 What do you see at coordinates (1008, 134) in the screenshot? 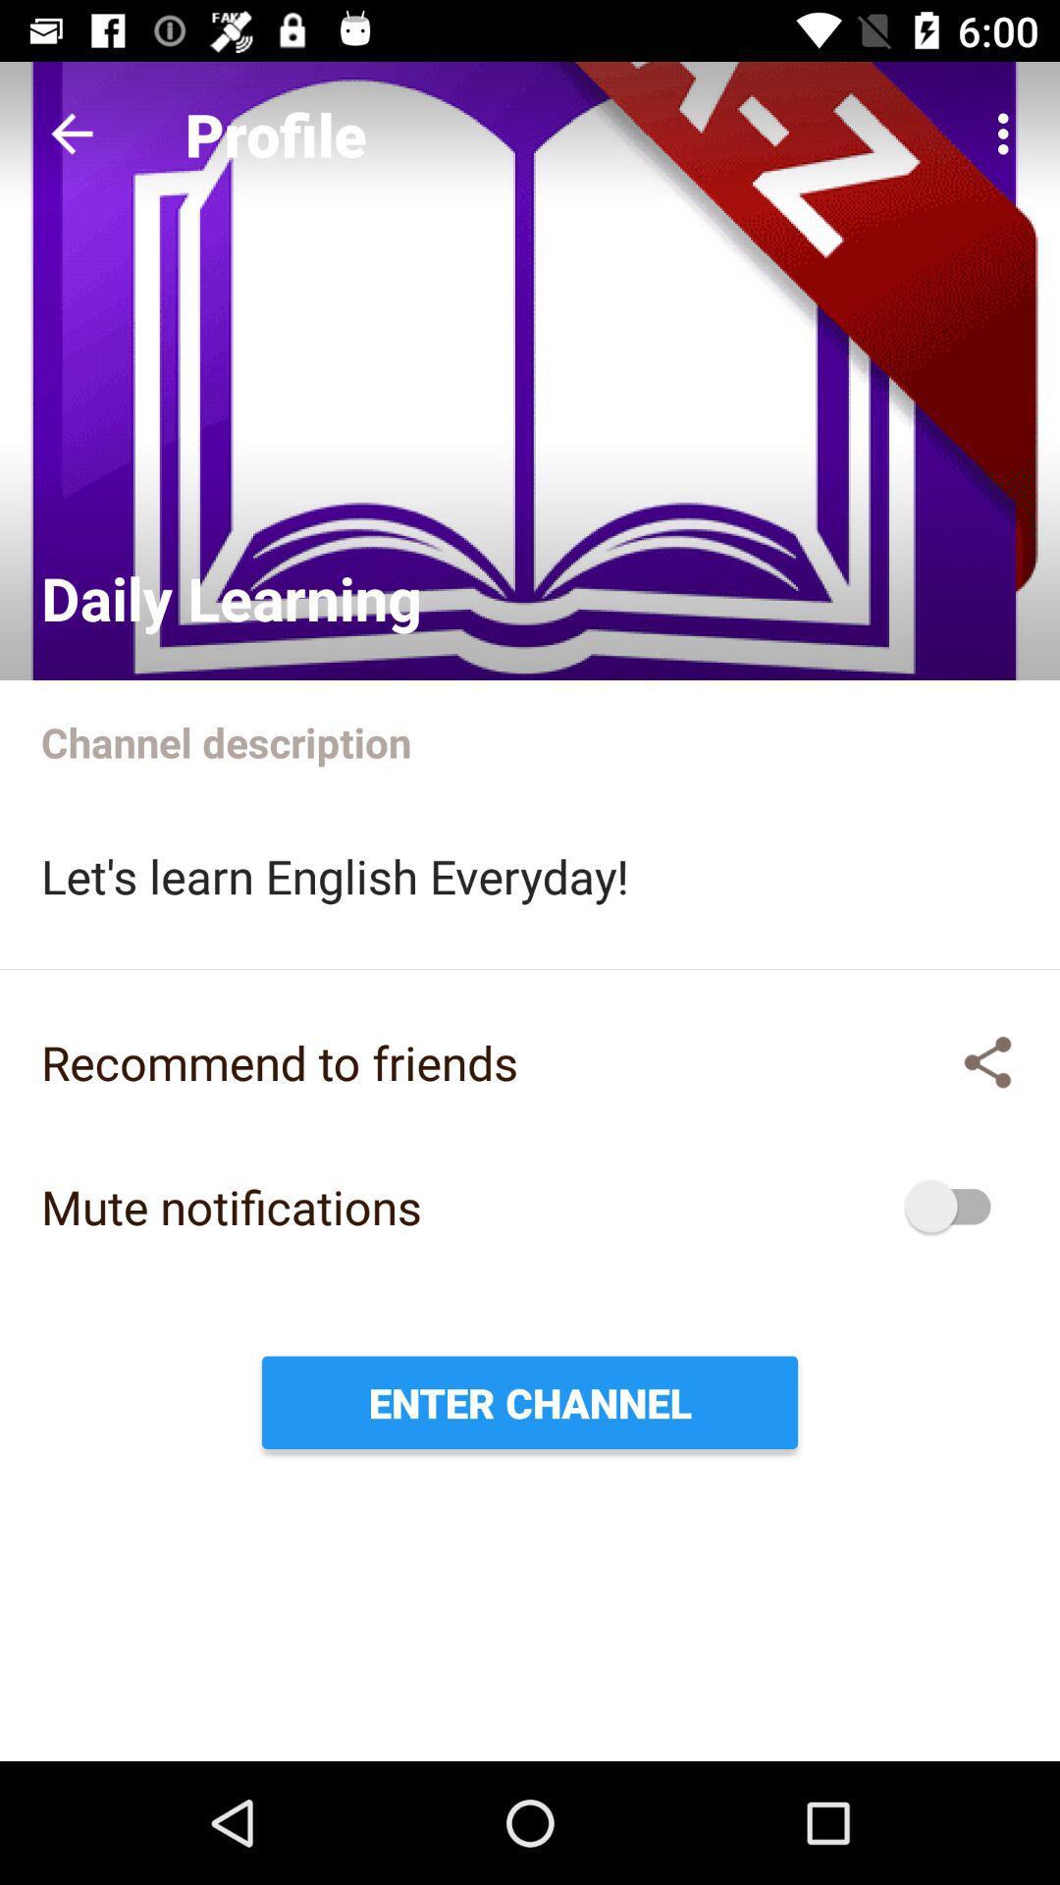
I see `the 3 vertical dots icon` at bounding box center [1008, 134].